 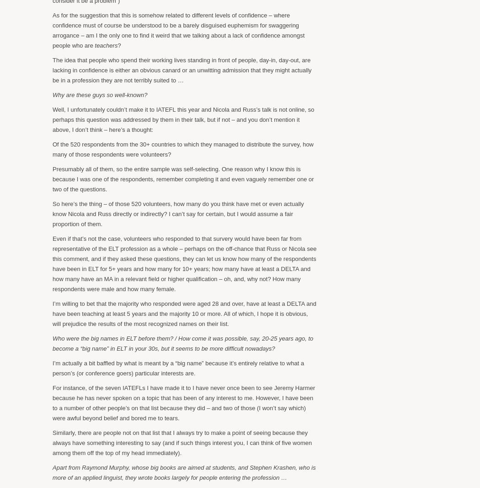 I want to click on 'Who were the big names in ELT before them? / How come it was possible, say, 20-25 years ago, to become a “big name” in ELT in your 30s, but it seems to be more difficult nowadays?', so click(x=183, y=342).